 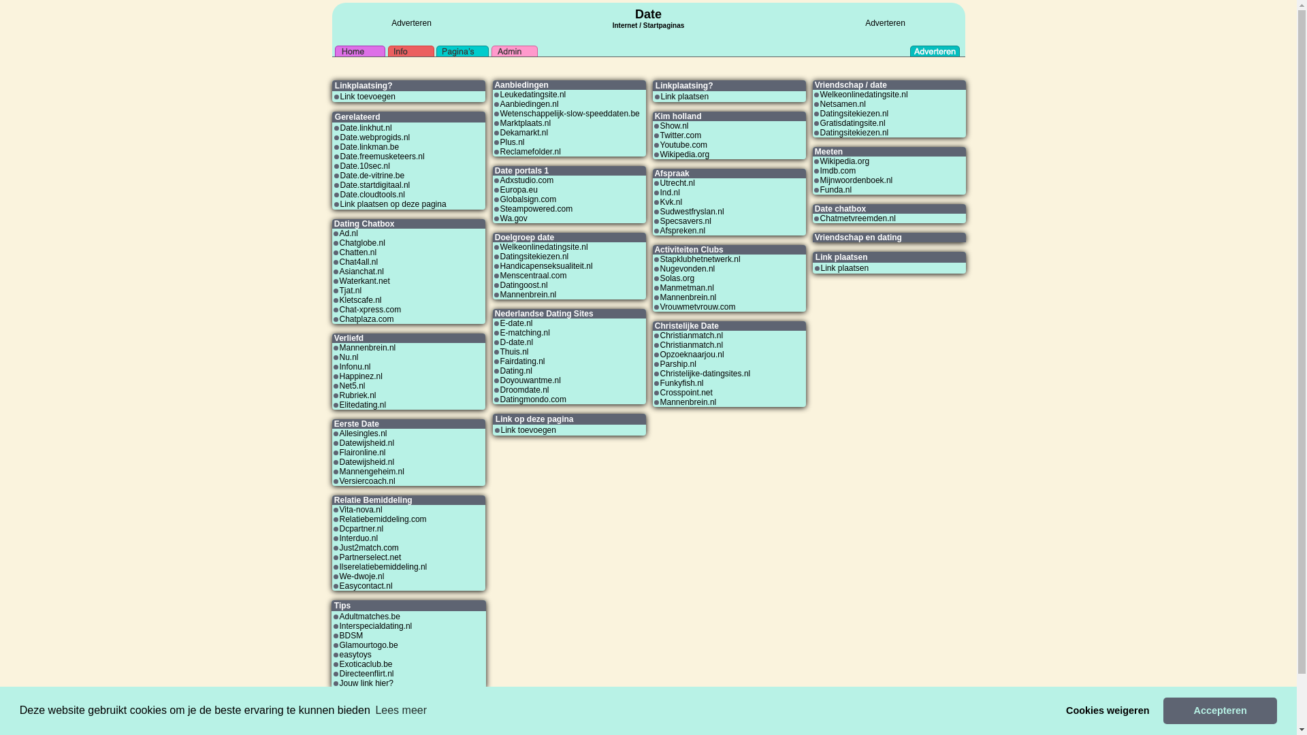 I want to click on 'Chat4all.nl', so click(x=358, y=262).